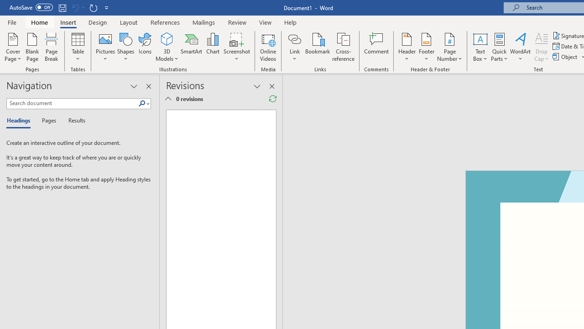 The image size is (584, 329). What do you see at coordinates (294, 47) in the screenshot?
I see `'Link'` at bounding box center [294, 47].